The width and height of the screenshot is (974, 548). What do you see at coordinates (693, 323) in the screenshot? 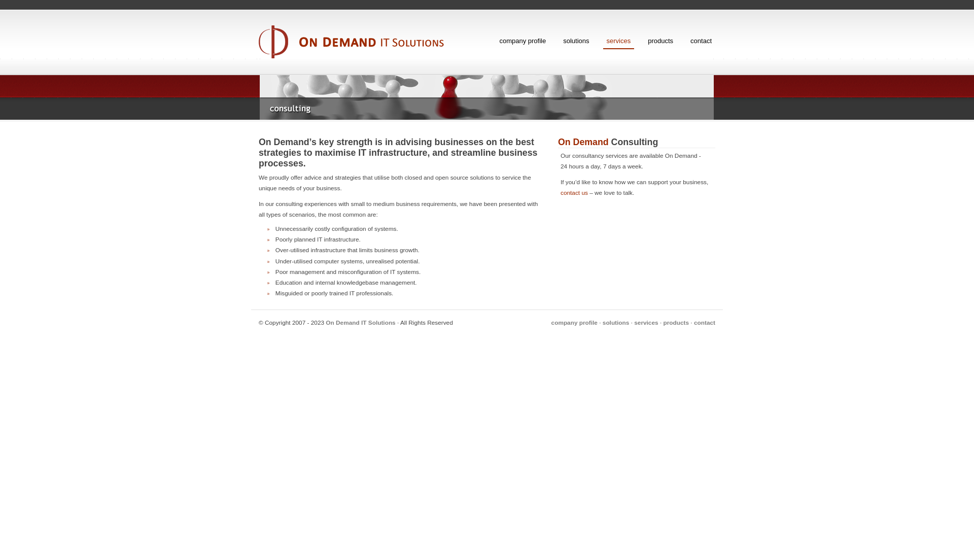
I see `'contact'` at bounding box center [693, 323].